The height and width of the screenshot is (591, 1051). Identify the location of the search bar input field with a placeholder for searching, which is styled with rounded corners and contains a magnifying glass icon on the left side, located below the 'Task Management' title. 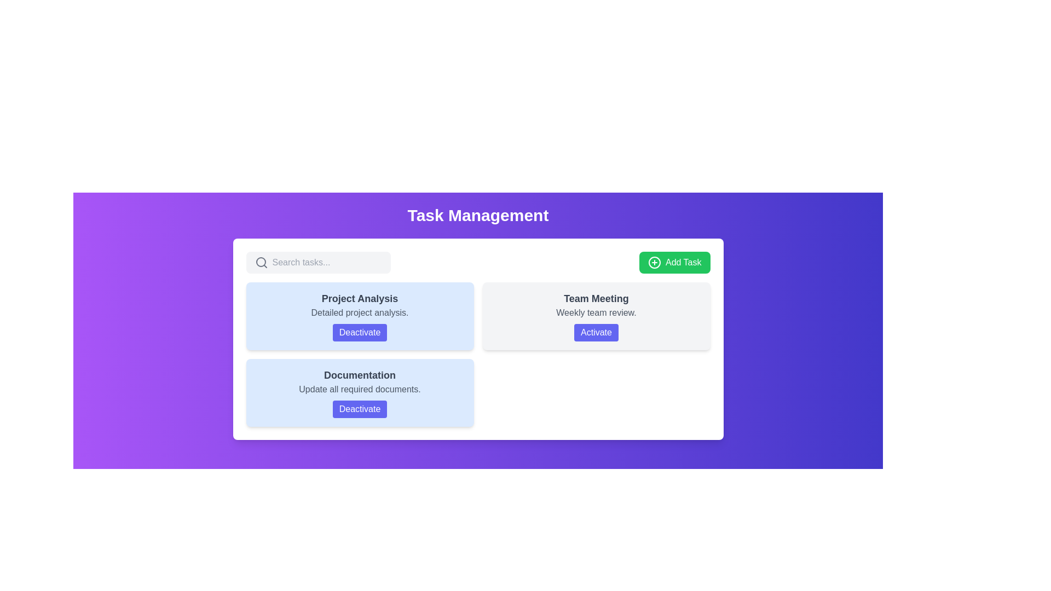
(317, 262).